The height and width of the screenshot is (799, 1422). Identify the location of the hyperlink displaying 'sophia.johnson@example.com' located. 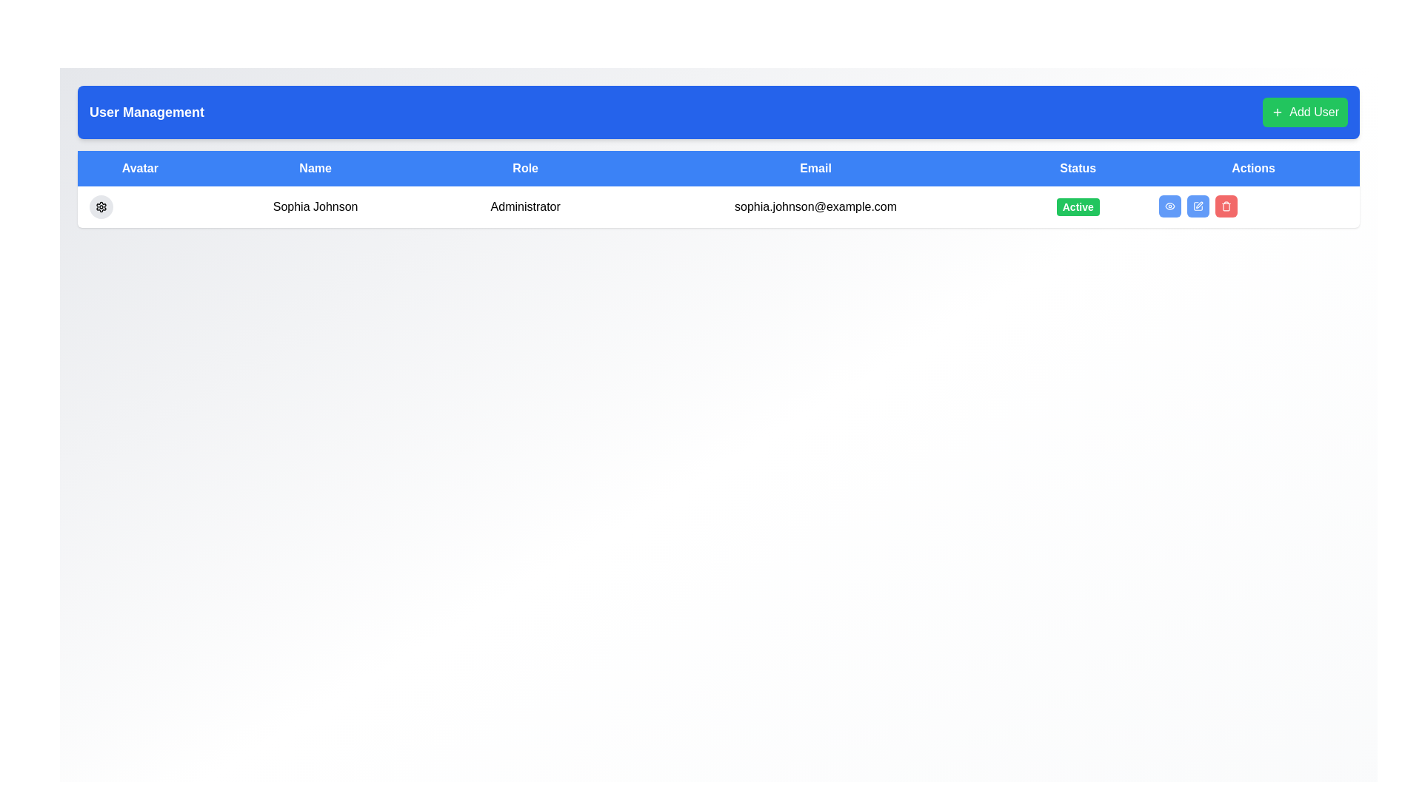
(815, 206).